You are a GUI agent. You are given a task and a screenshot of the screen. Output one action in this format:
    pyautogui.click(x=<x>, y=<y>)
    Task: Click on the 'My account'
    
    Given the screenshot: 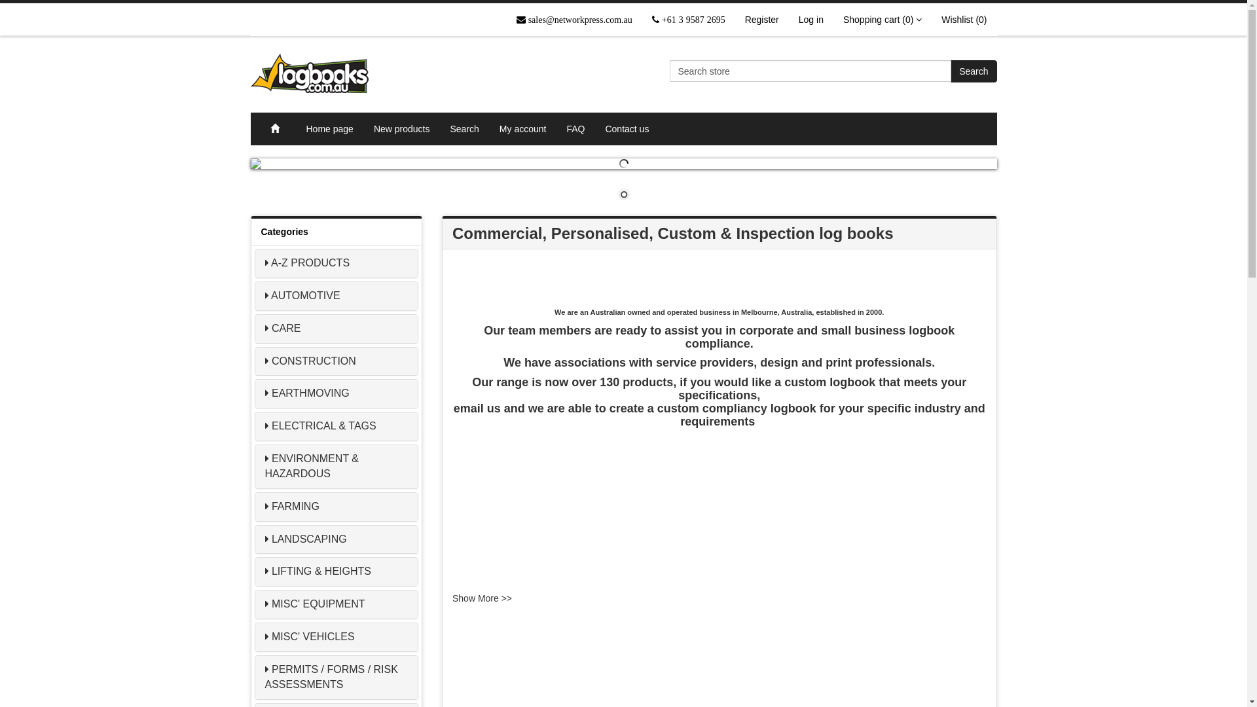 What is the action you would take?
    pyautogui.click(x=489, y=128)
    